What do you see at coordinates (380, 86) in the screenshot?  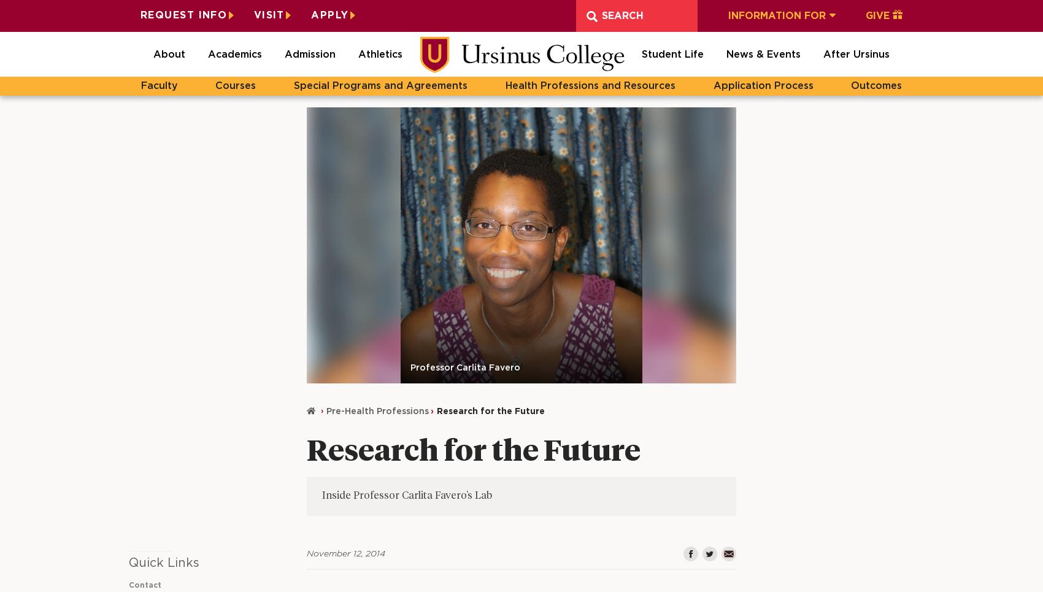 I see `'Special Programs and Agreements'` at bounding box center [380, 86].